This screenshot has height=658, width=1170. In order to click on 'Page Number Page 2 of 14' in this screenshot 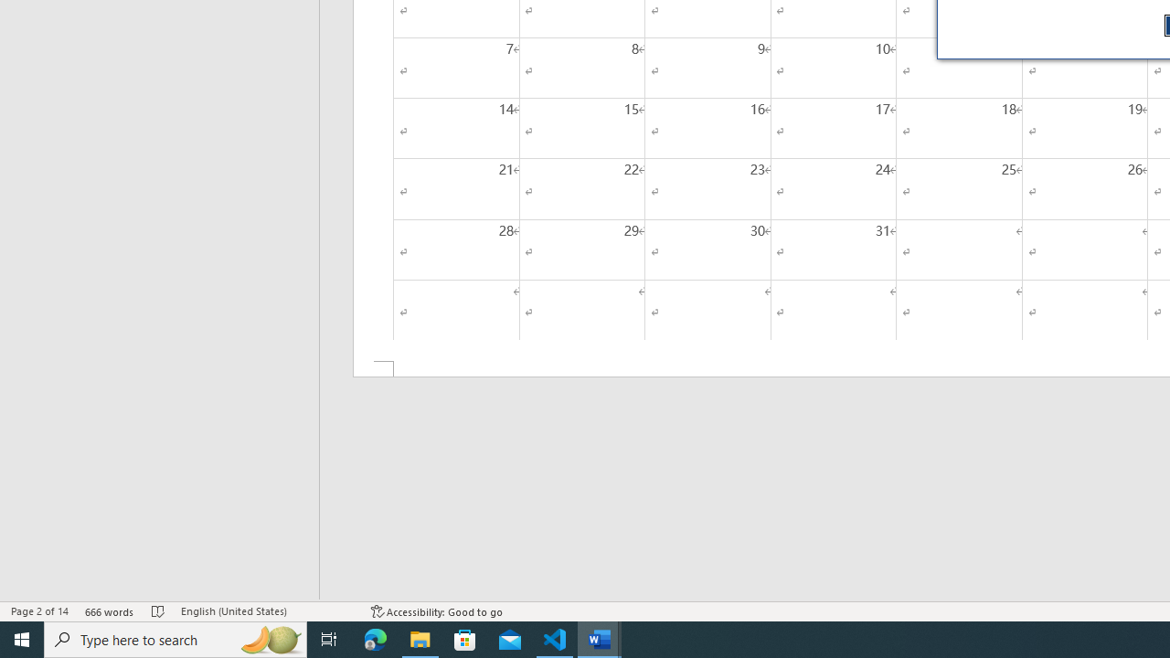, I will do `click(39, 611)`.